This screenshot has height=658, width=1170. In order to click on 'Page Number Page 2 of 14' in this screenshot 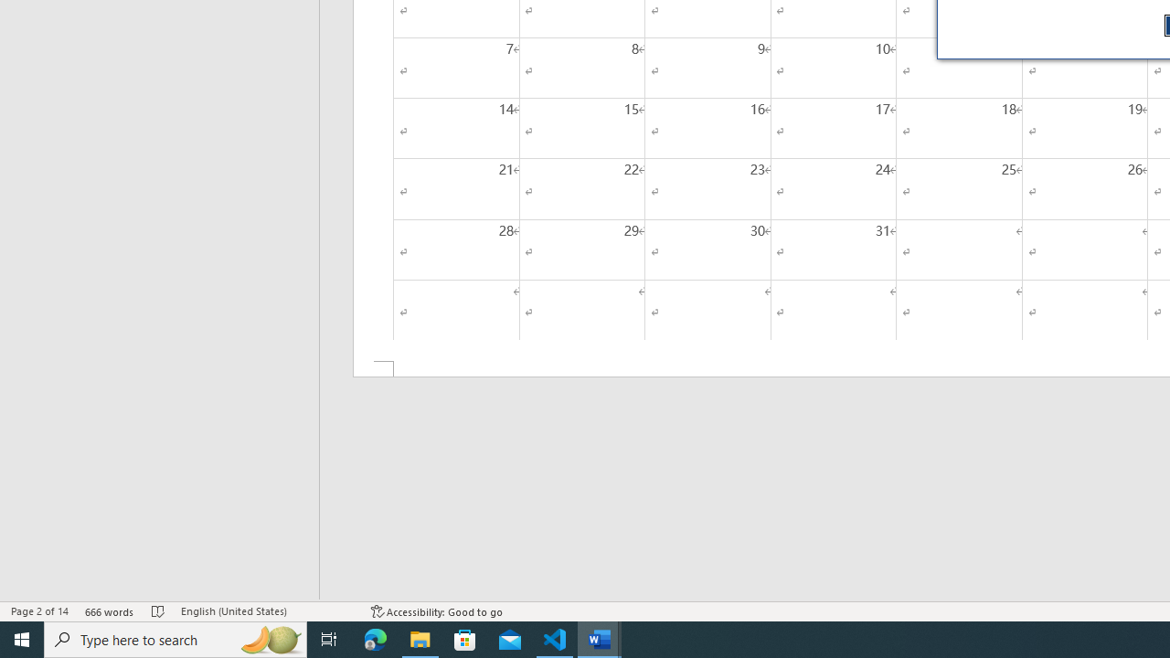, I will do `click(39, 611)`.